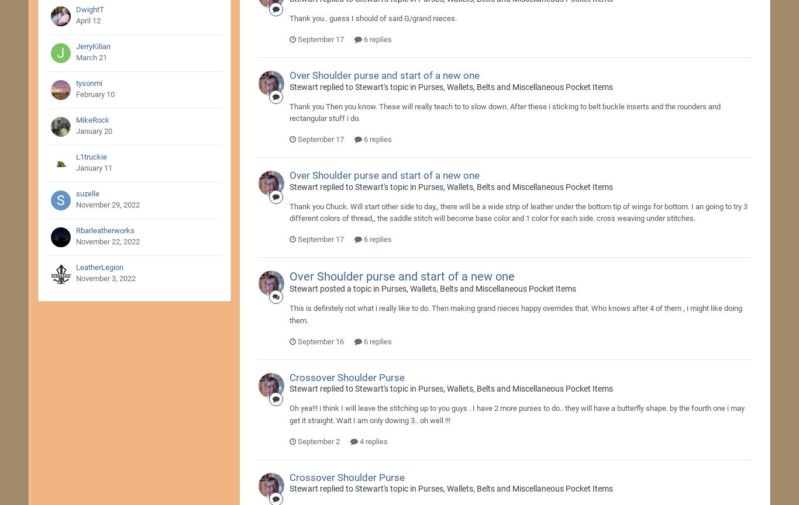 The image size is (799, 505). I want to click on 'November 29, 2022', so click(107, 204).